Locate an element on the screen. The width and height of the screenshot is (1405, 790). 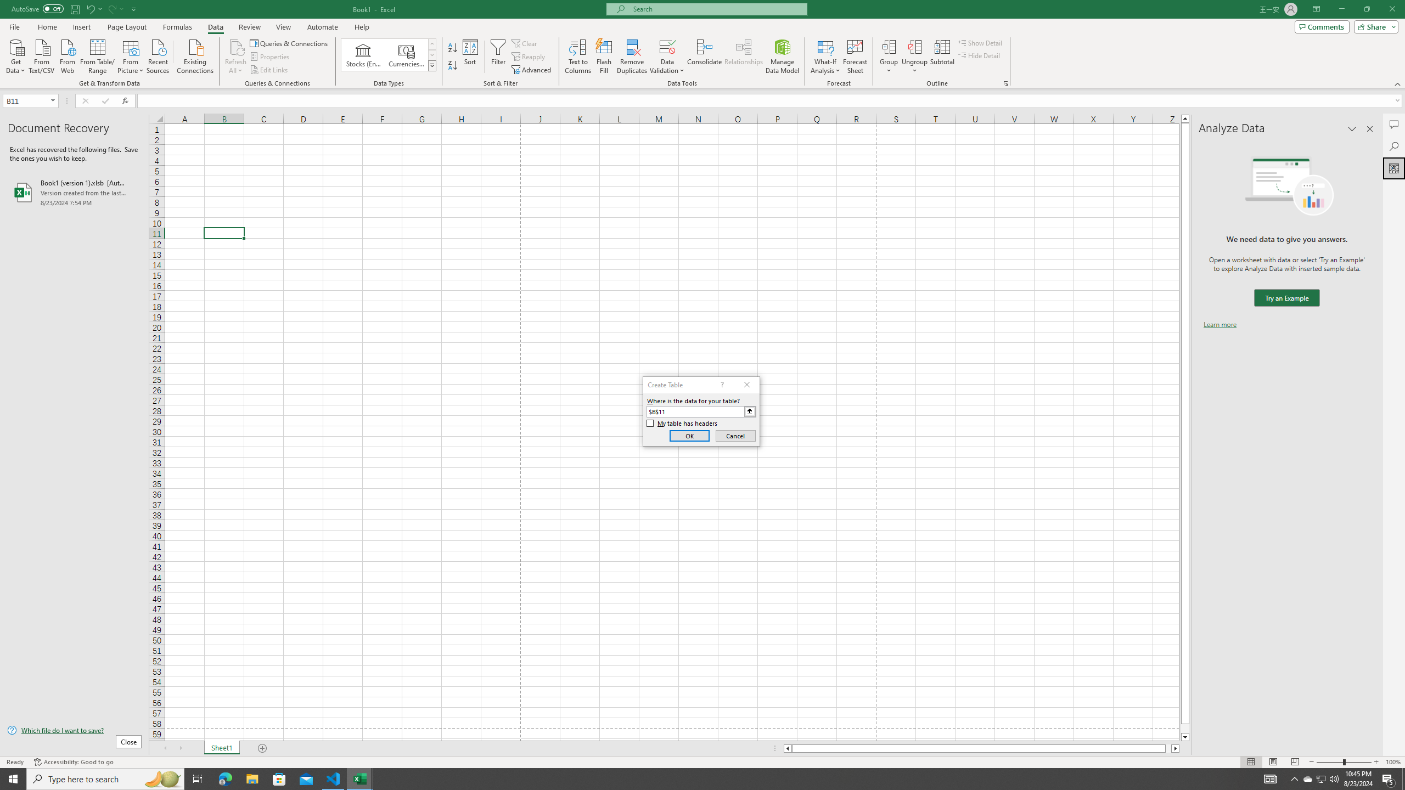
'Existing Connections' is located at coordinates (194, 55).